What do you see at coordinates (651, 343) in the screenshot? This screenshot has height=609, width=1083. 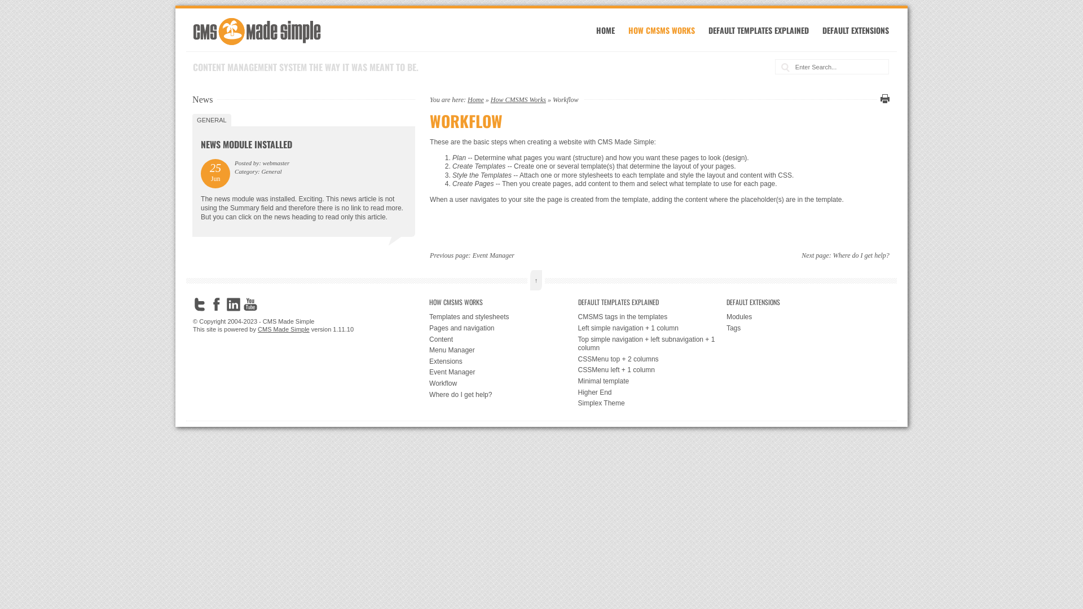 I see `'Top simple navigation + left subnavigation + 1 column'` at bounding box center [651, 343].